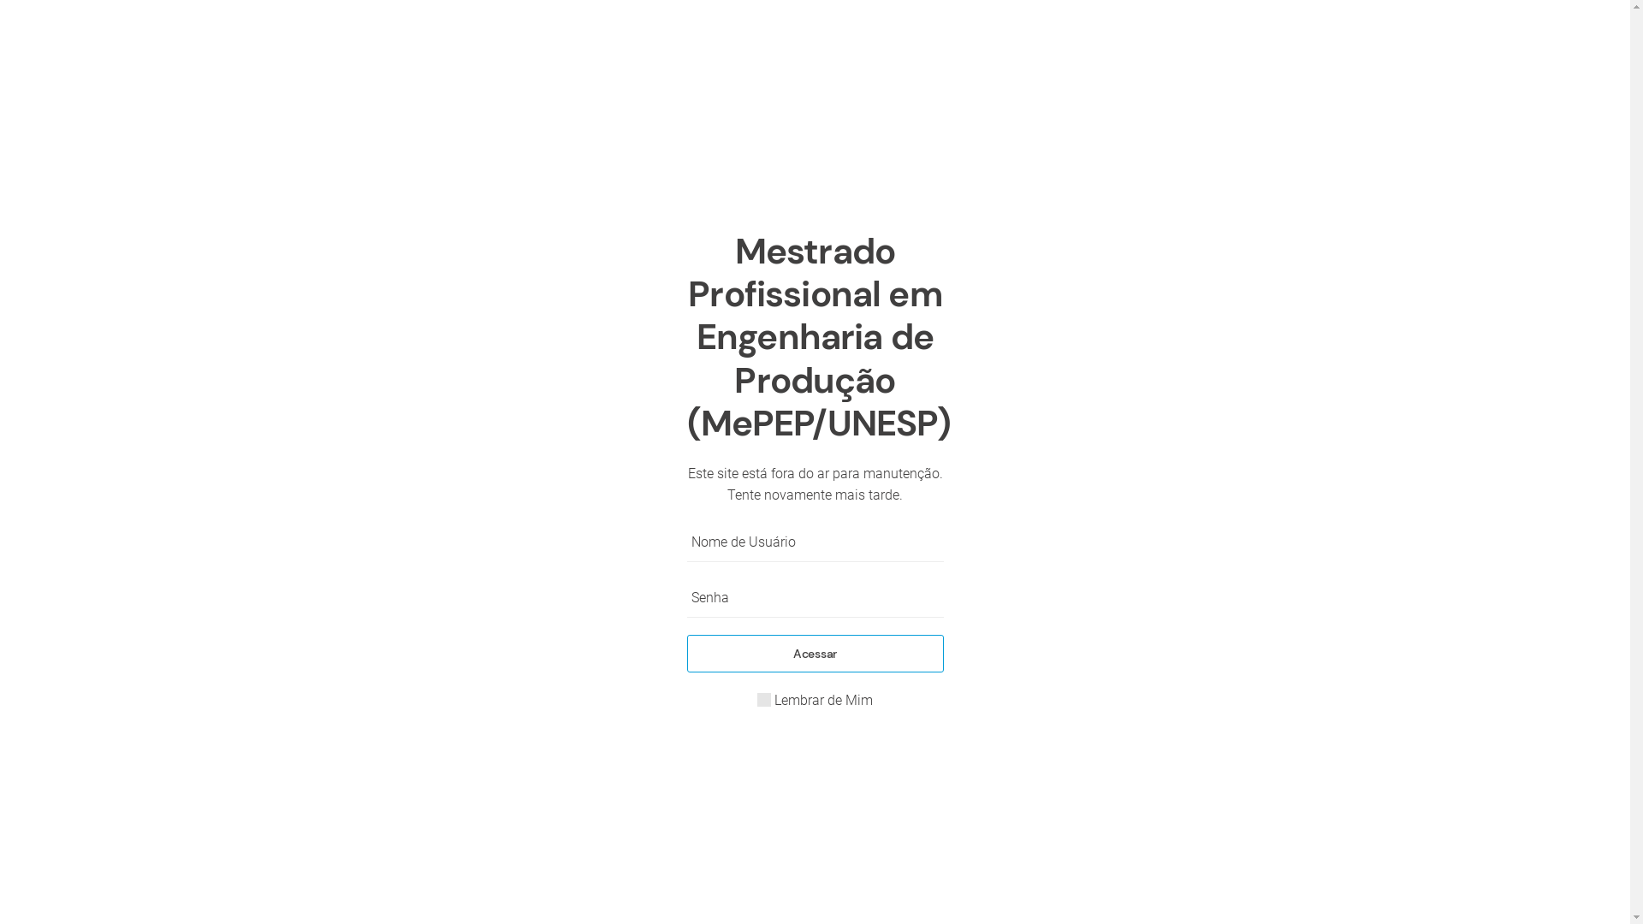 The height and width of the screenshot is (924, 1643). What do you see at coordinates (813, 653) in the screenshot?
I see `'Acessar'` at bounding box center [813, 653].